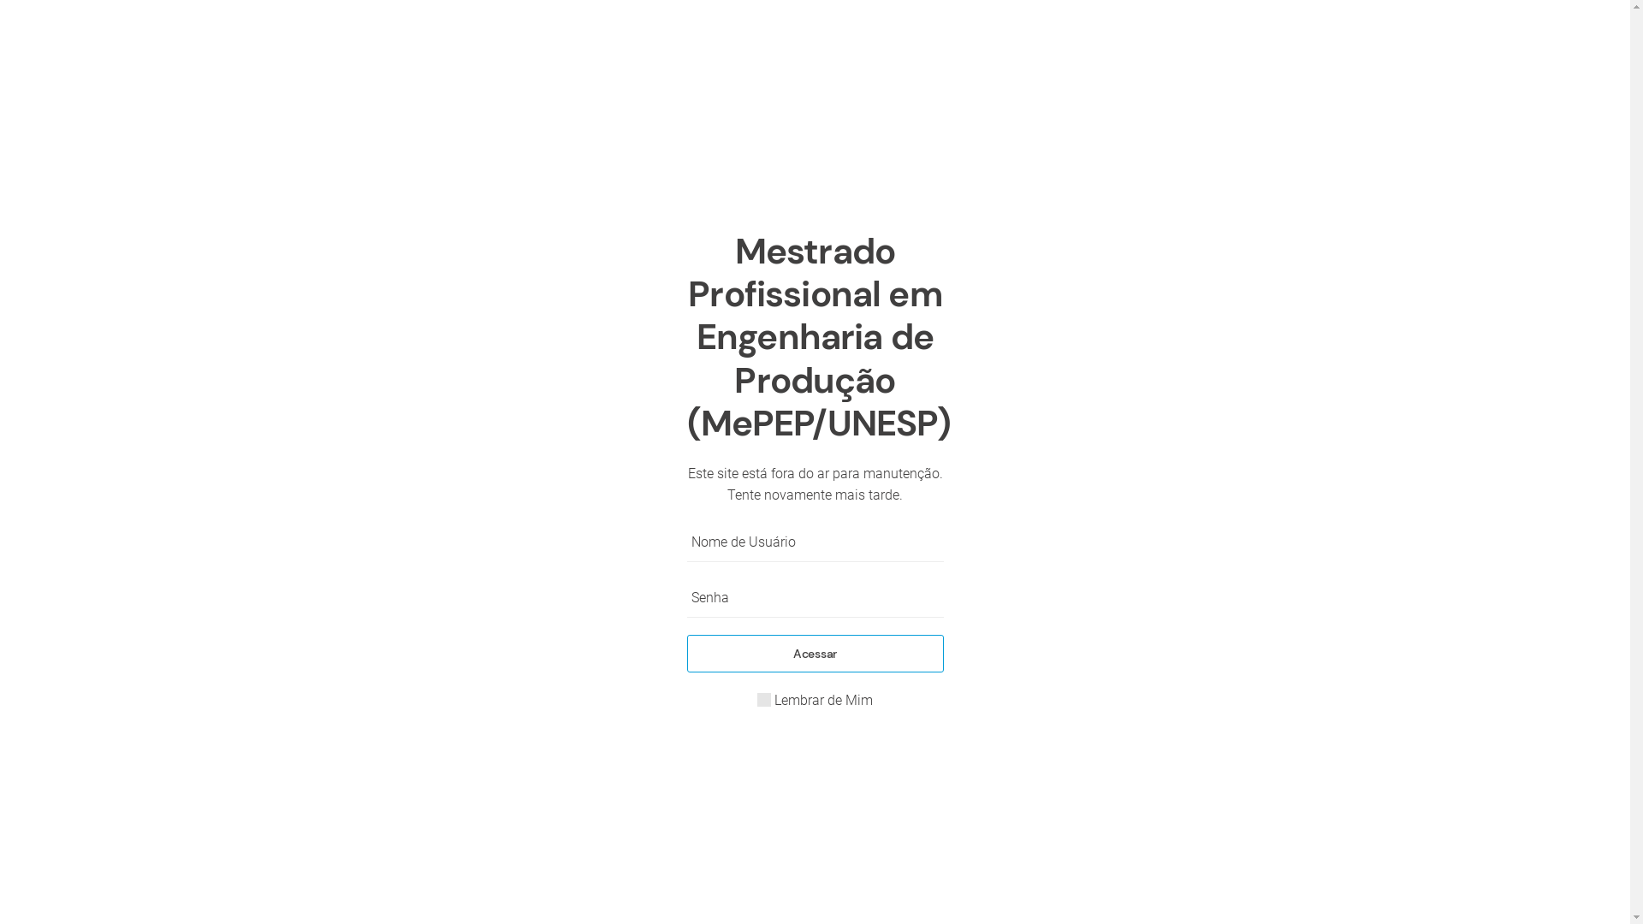 The height and width of the screenshot is (924, 1643). What do you see at coordinates (813, 653) in the screenshot?
I see `'Acessar'` at bounding box center [813, 653].